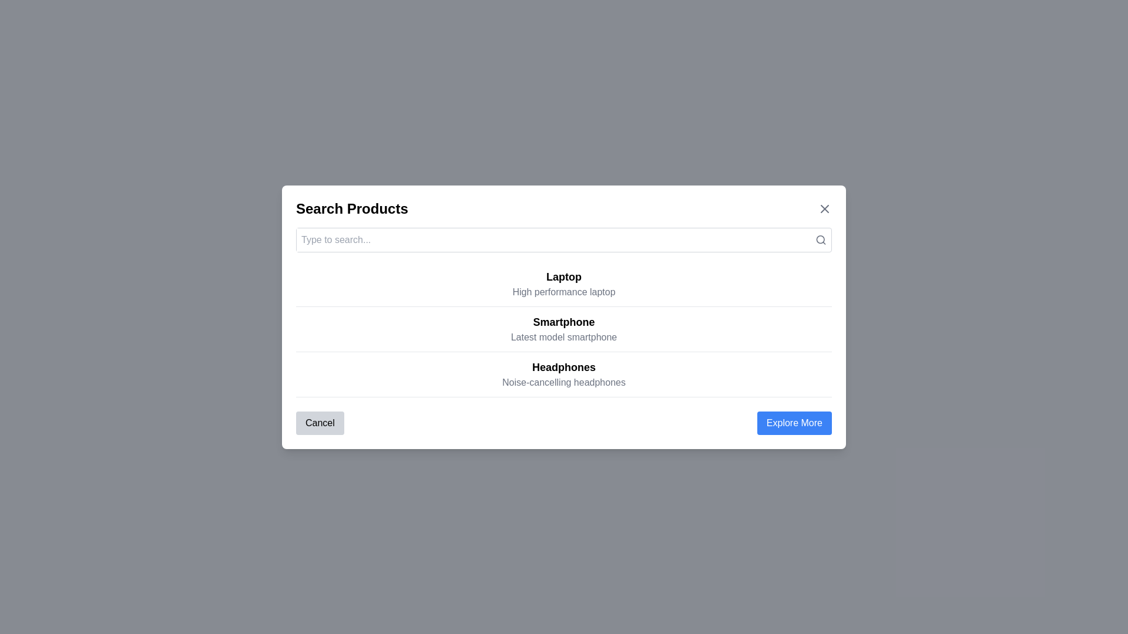 The width and height of the screenshot is (1128, 634). What do you see at coordinates (564, 329) in the screenshot?
I see `the text block describing the product 'Smartphone' with the detail 'Latest model smartphone', which is the second item in a vertical list of items` at bounding box center [564, 329].